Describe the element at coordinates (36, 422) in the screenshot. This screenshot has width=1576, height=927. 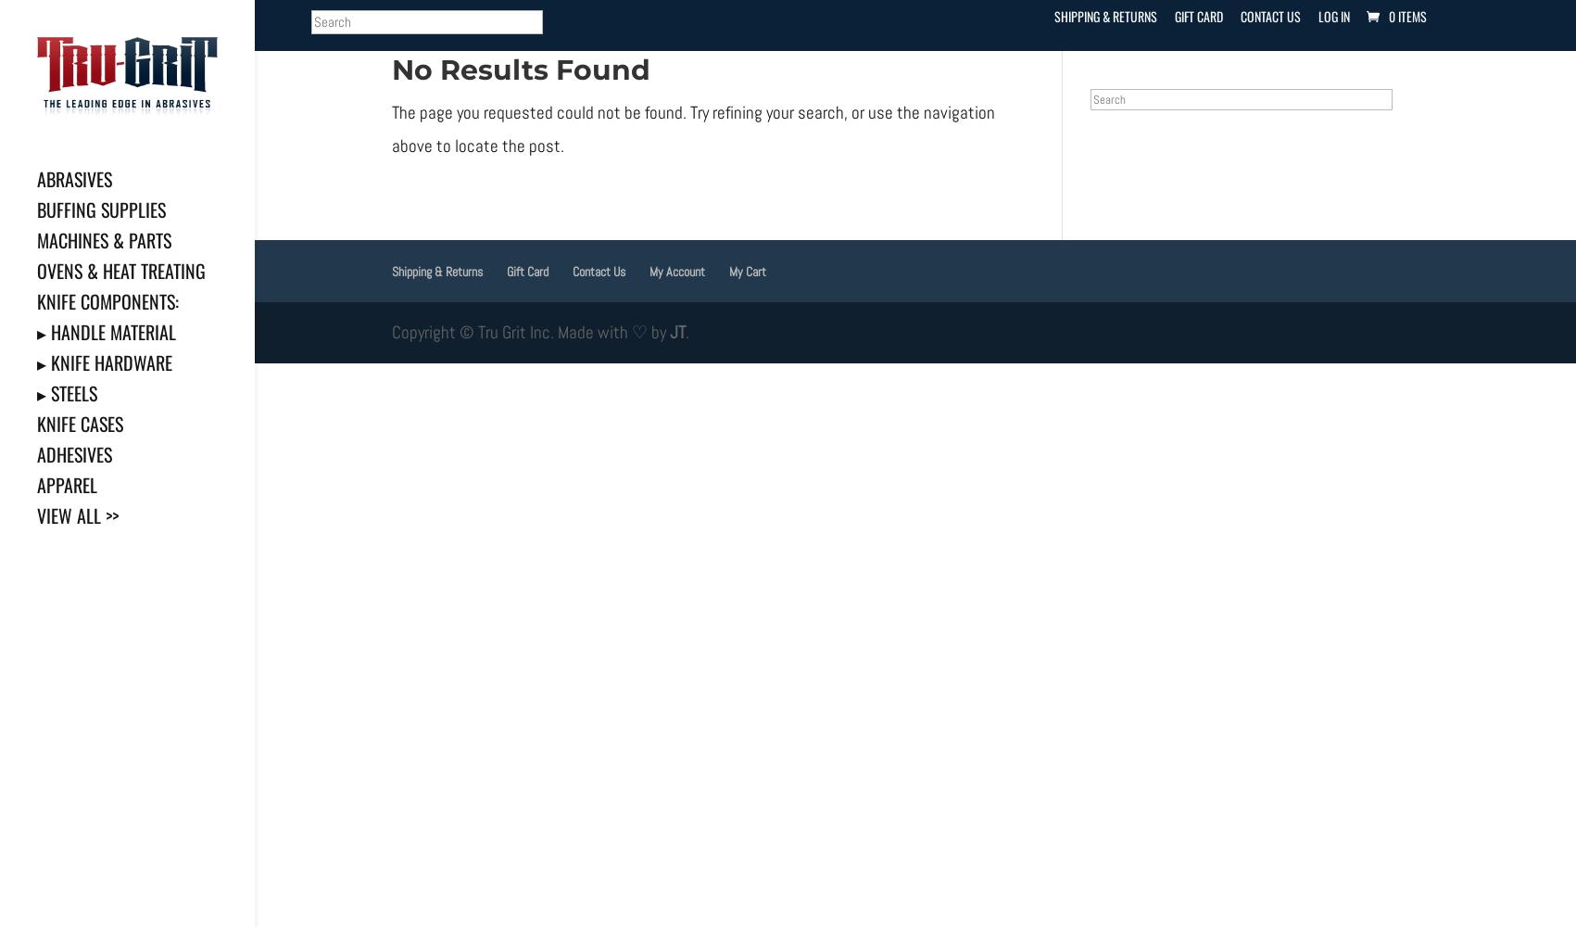
I see `'Knife Cases'` at that location.